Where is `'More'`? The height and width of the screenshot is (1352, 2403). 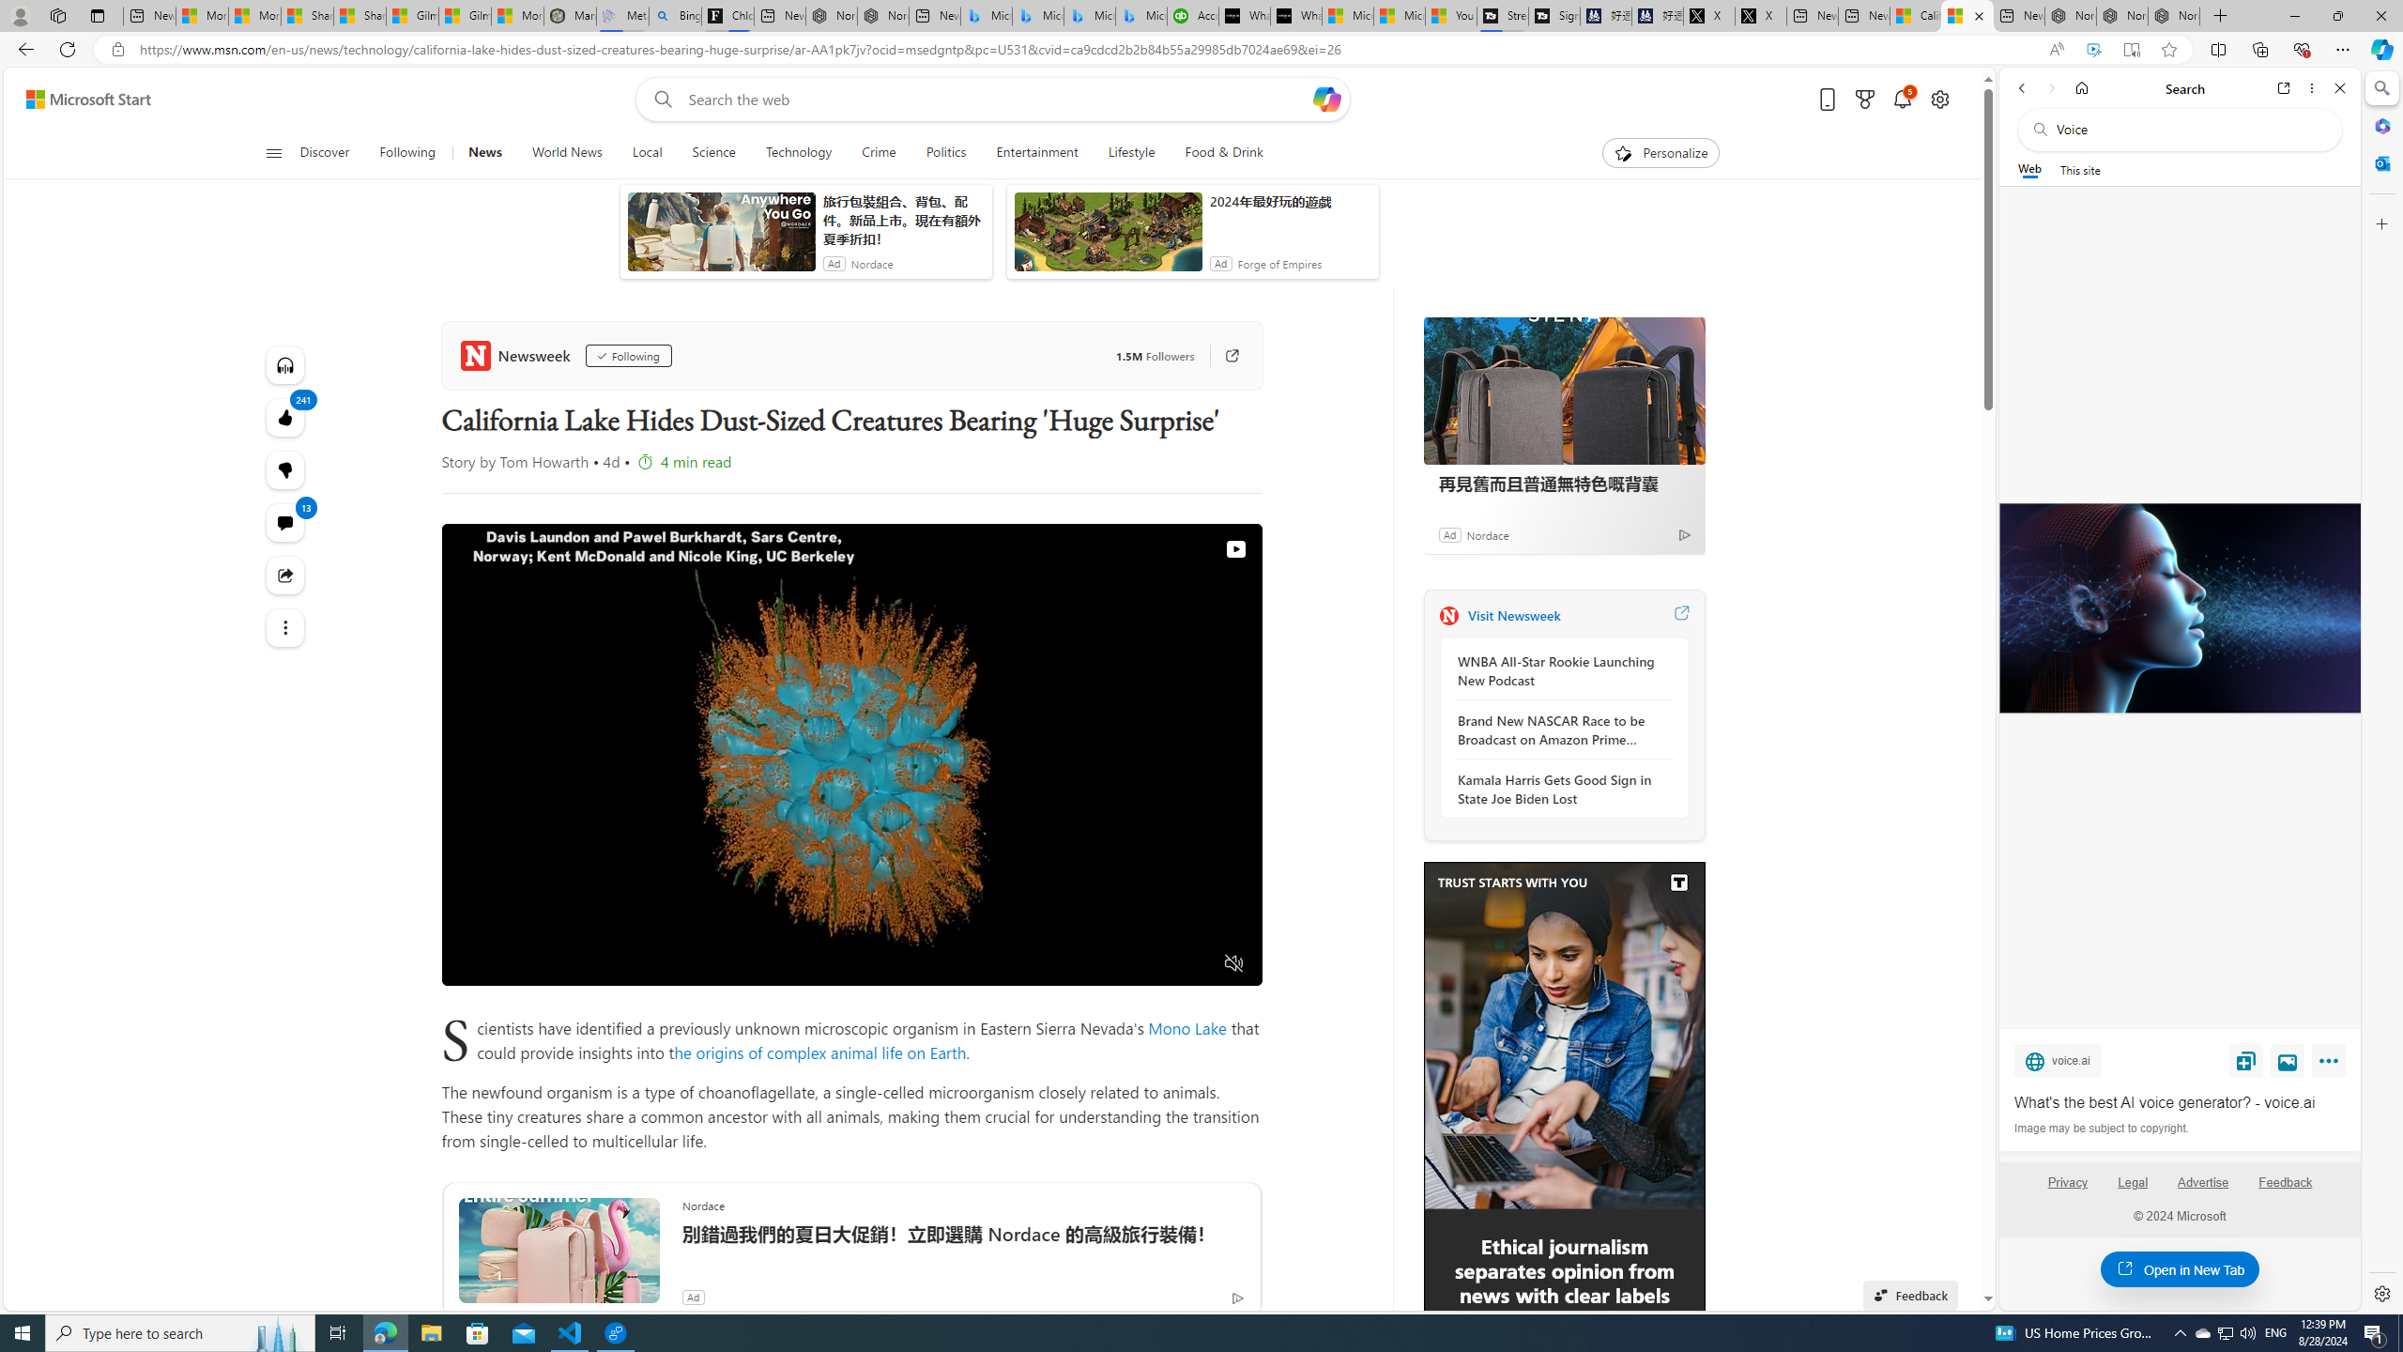 'More' is located at coordinates (2331, 1064).